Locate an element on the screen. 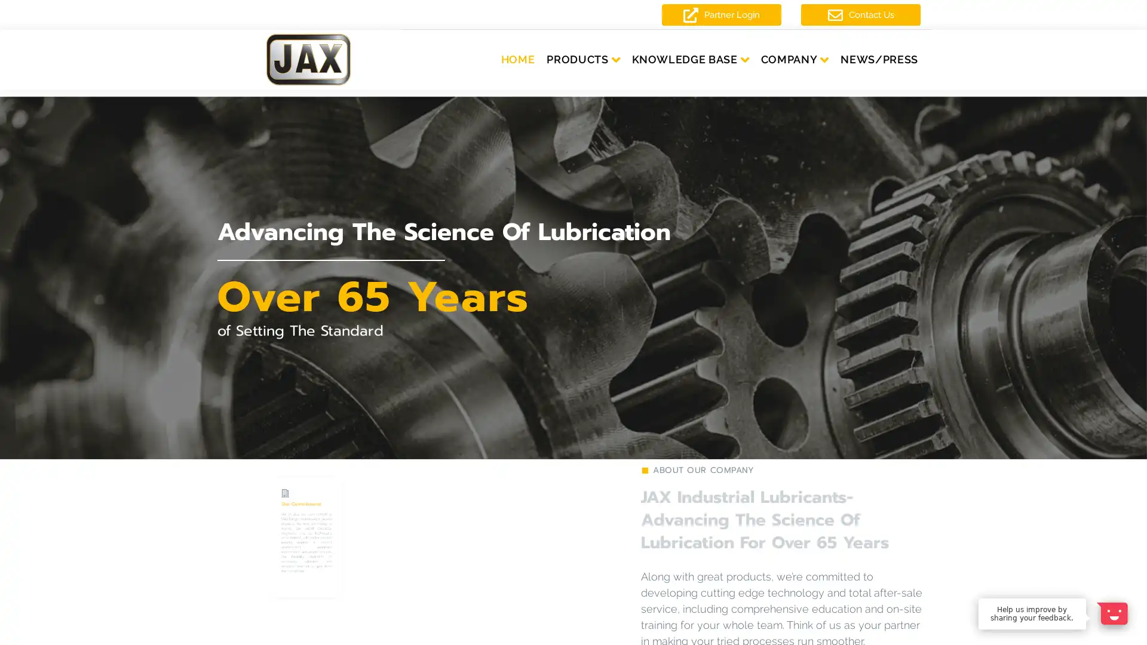  Open is located at coordinates (1111, 613).